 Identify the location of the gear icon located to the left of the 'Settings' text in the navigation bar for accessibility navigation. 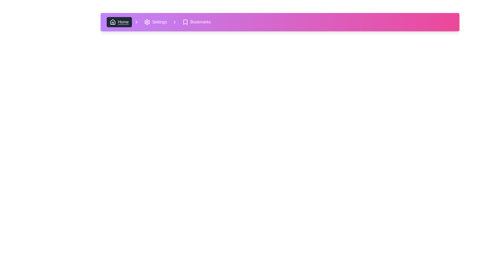
(147, 22).